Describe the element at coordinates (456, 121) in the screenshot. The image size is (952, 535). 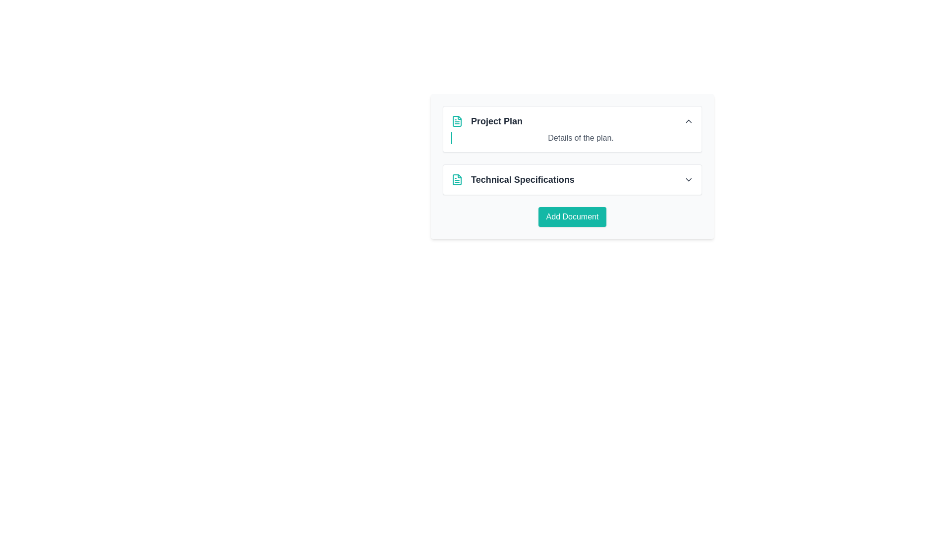
I see `the visual cues of the 'Project Plan' icon located at the left-most side of the 'Project Plan' section` at that location.